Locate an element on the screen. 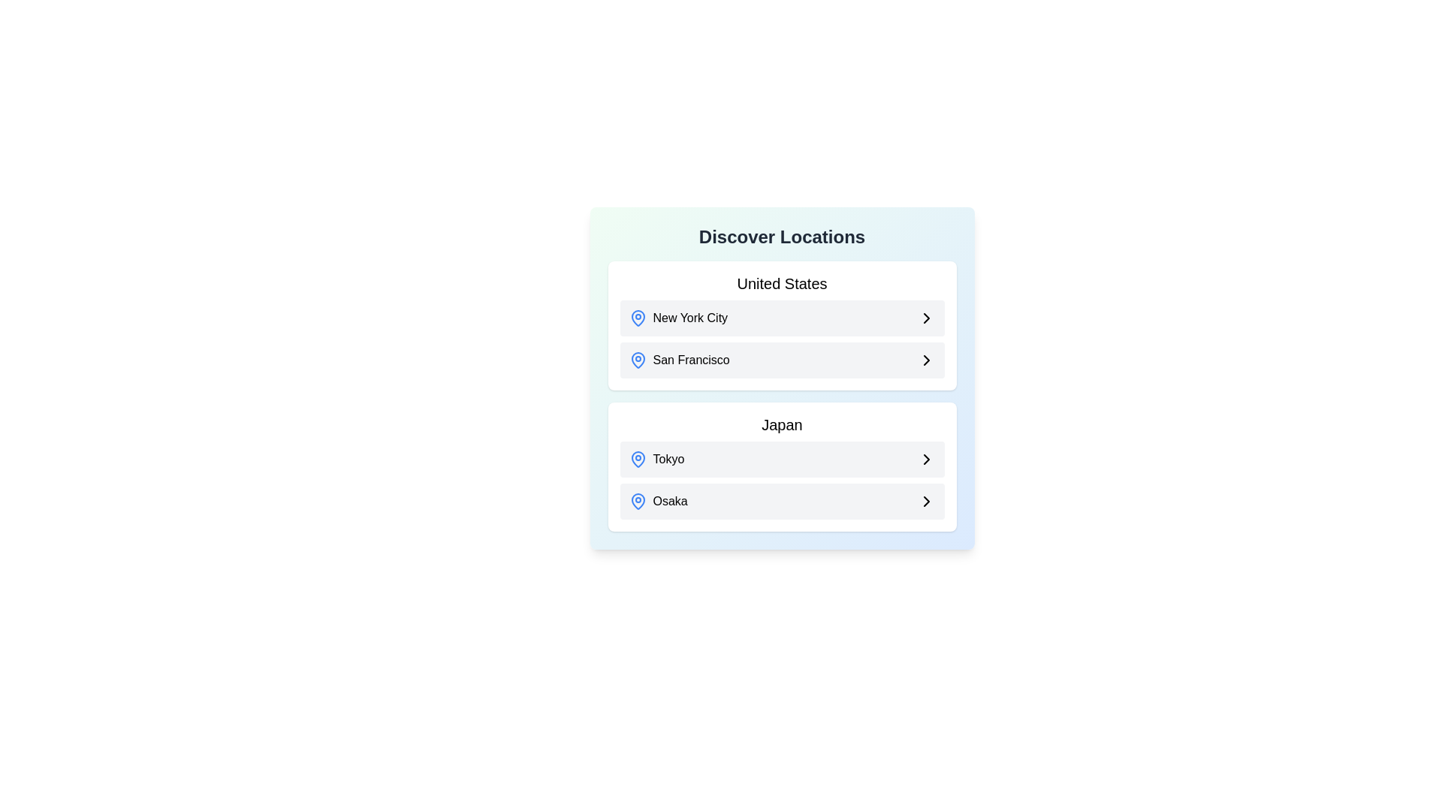 The width and height of the screenshot is (1442, 811). the label indicating 'Osaka', which is the second item in the list under 'Japan' in the bottom section of the card labeled 'Discover Locations' is located at coordinates (658, 501).